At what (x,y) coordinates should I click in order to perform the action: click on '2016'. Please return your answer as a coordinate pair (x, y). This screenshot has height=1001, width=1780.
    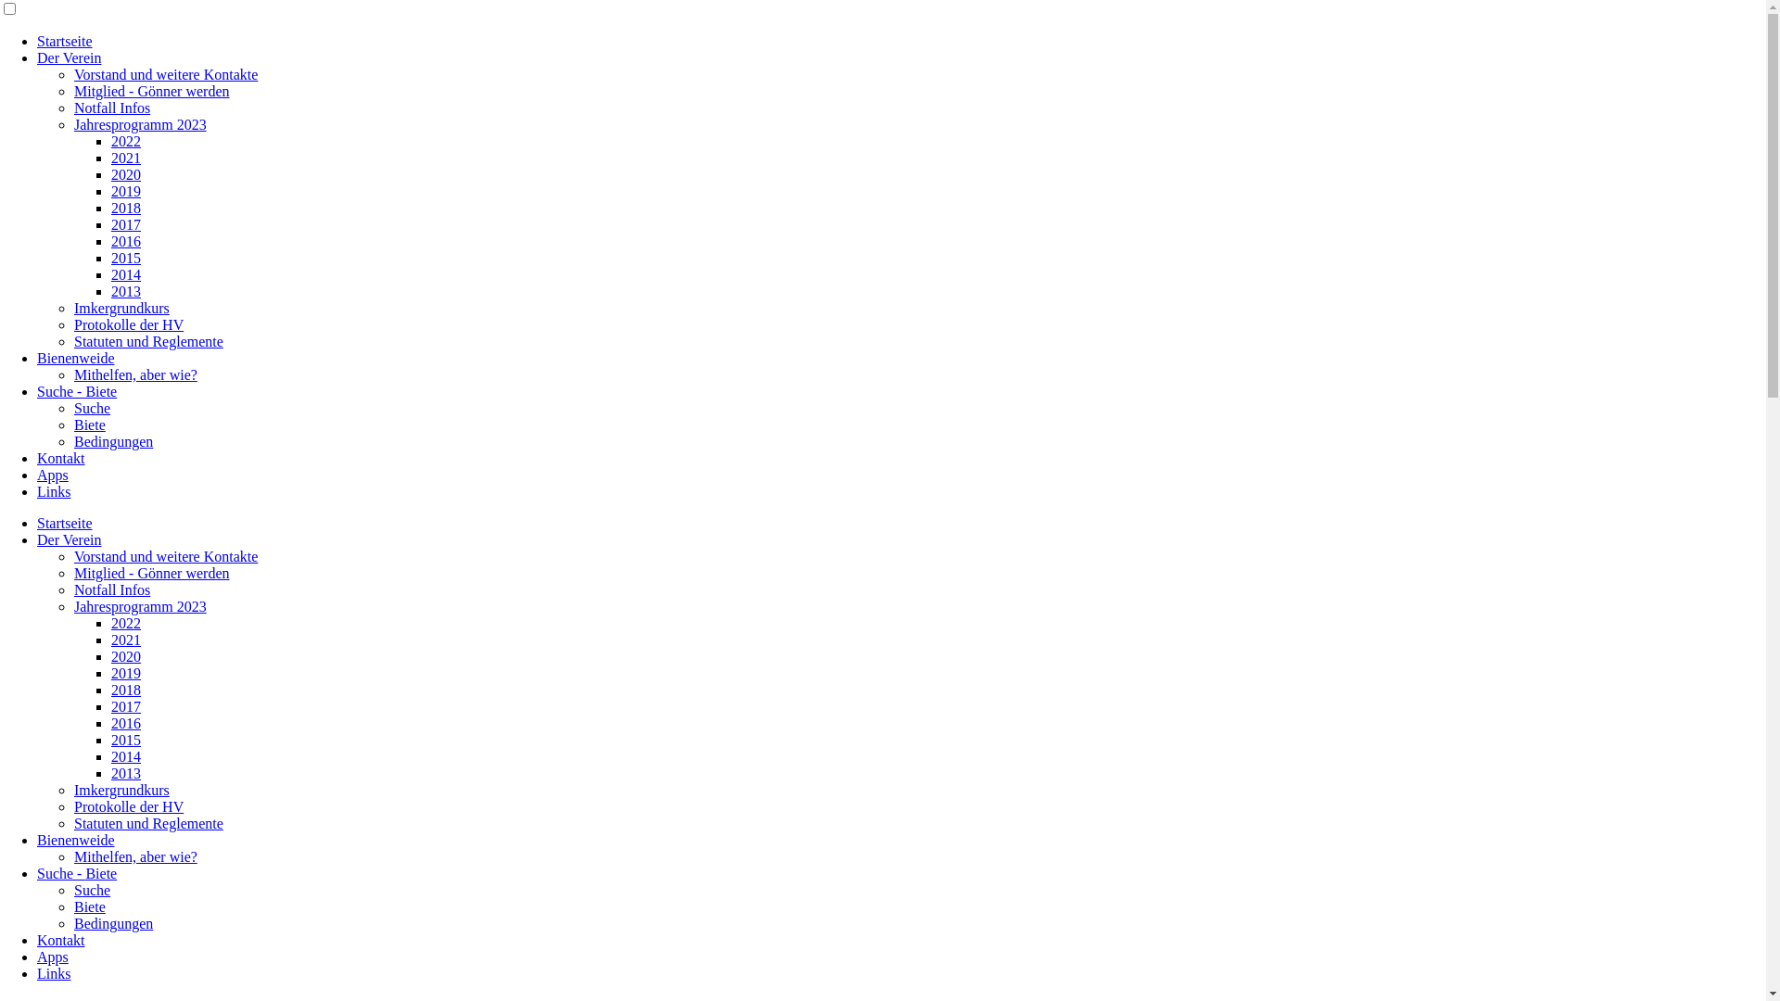
    Looking at the image, I should click on (124, 240).